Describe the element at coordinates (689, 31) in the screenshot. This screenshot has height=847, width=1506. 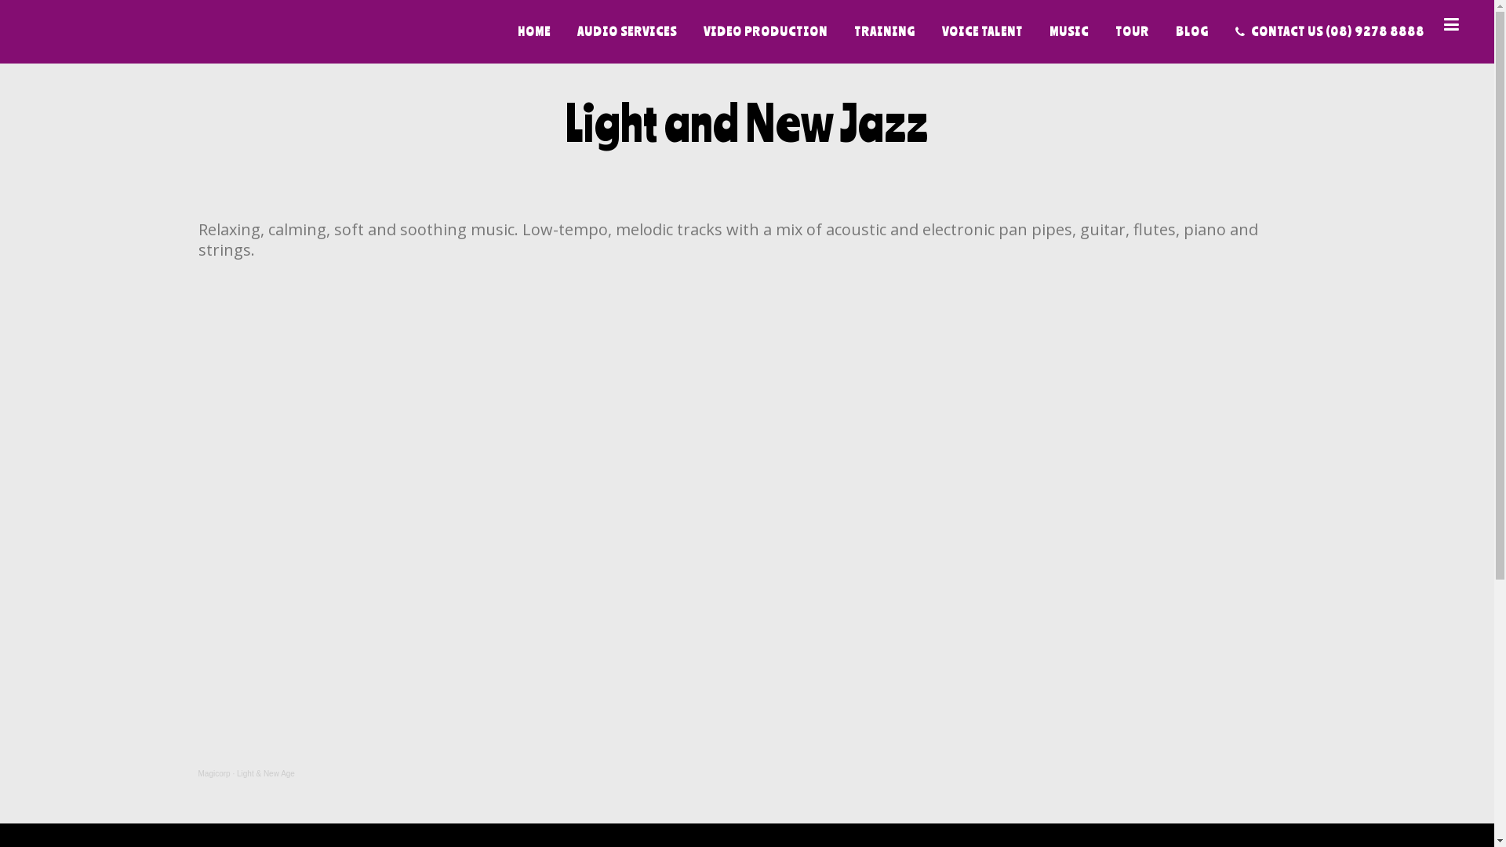
I see `'VIDEO PRODUCTION'` at that location.